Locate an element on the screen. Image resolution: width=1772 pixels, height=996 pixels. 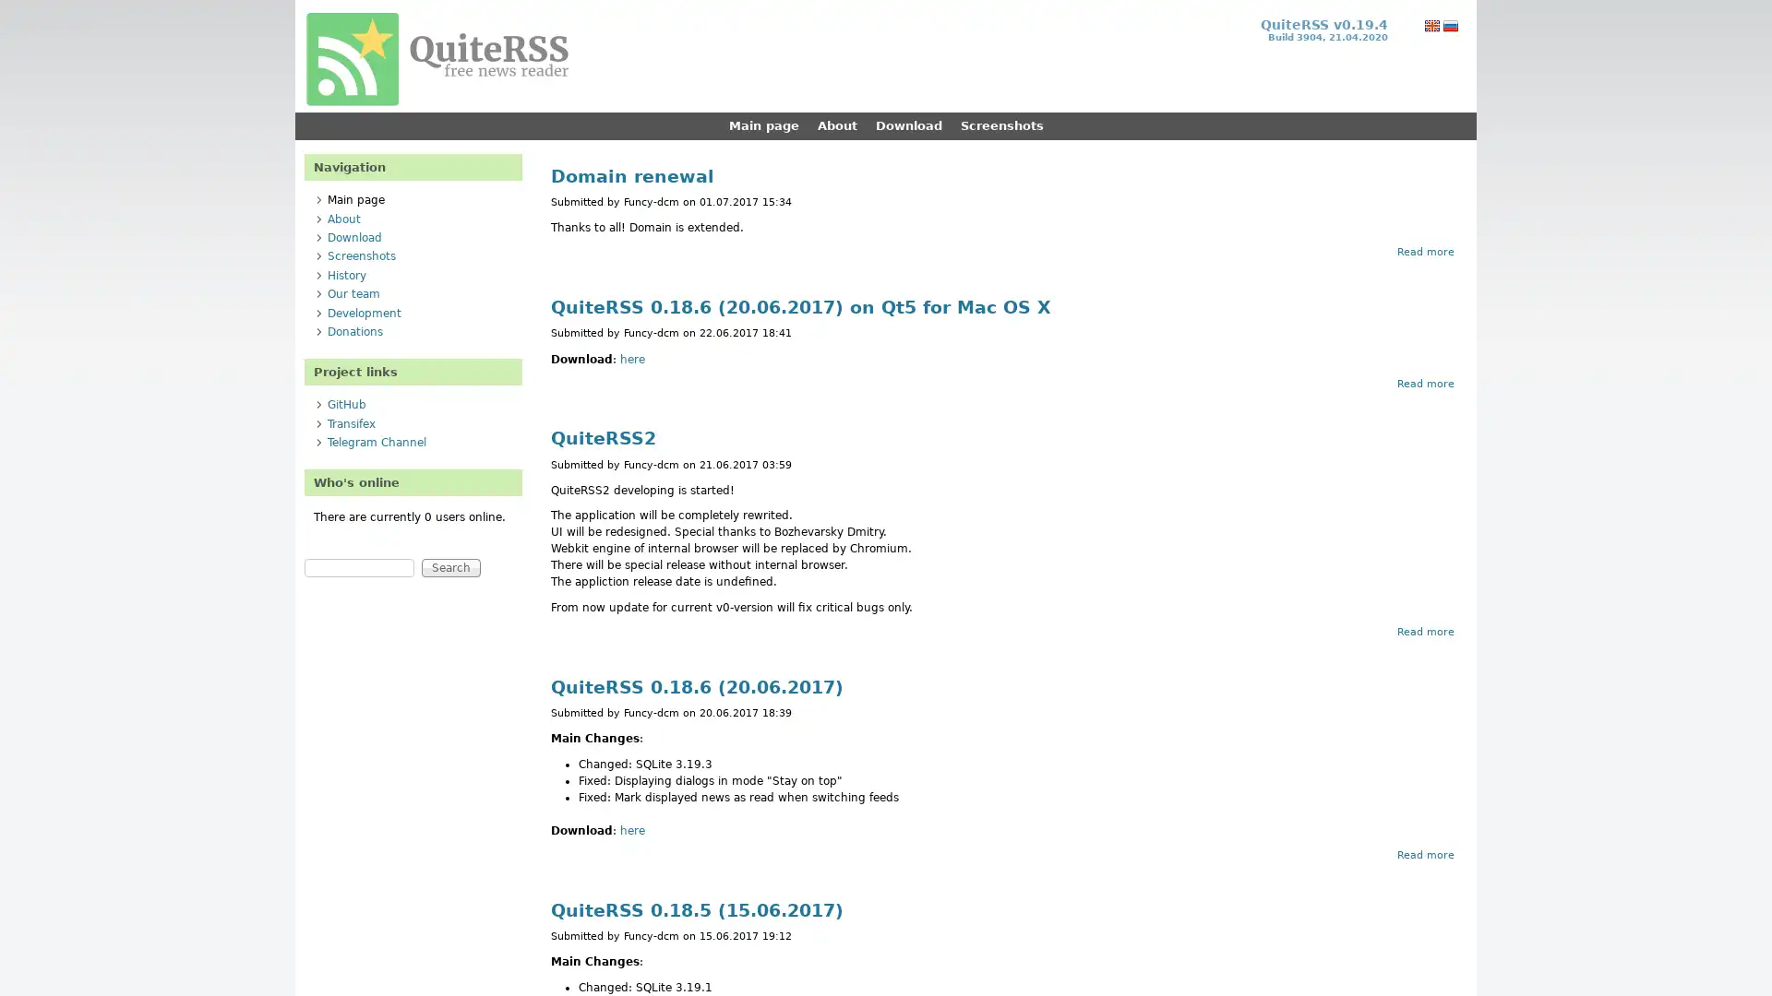
Search is located at coordinates (451, 567).